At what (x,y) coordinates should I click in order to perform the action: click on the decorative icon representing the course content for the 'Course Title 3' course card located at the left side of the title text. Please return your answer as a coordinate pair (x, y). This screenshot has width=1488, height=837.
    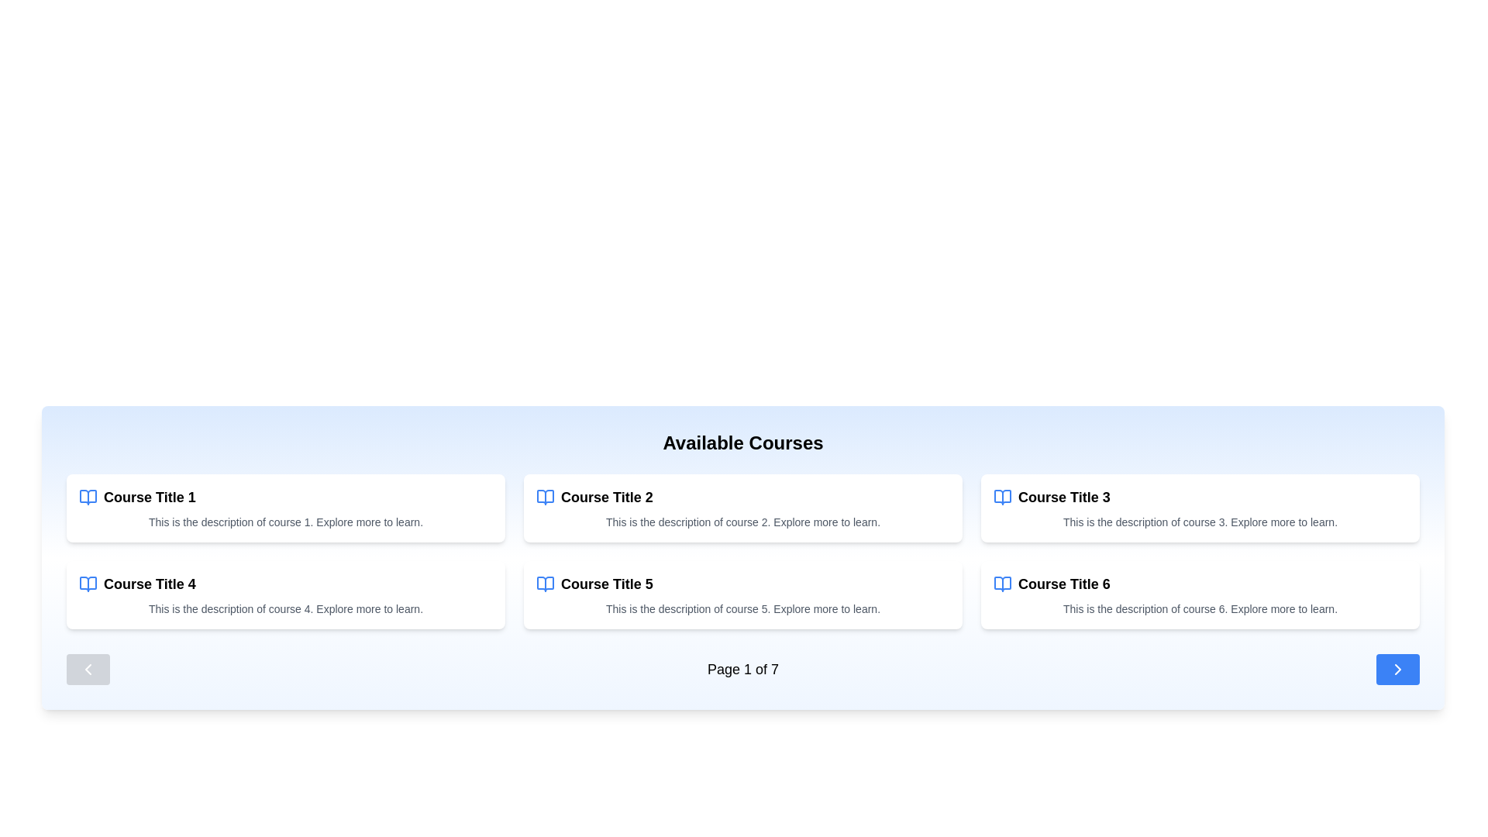
    Looking at the image, I should click on (1003, 497).